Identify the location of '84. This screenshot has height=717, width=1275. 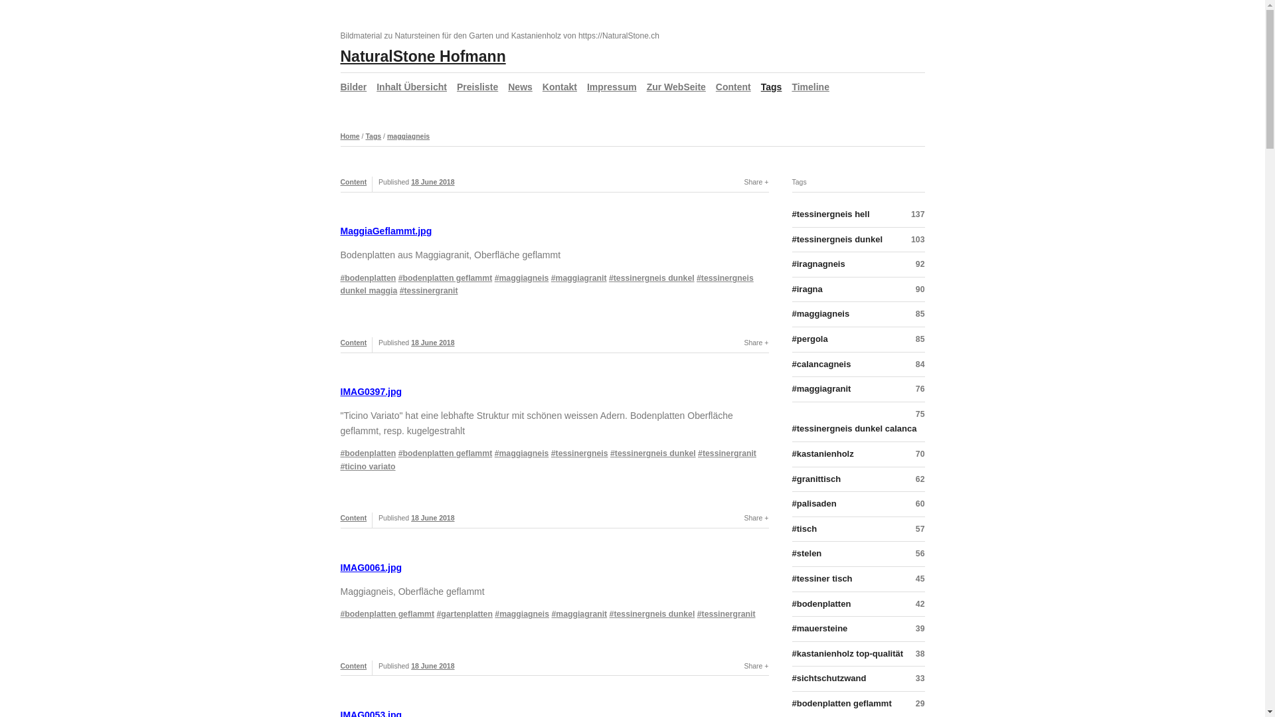
(857, 365).